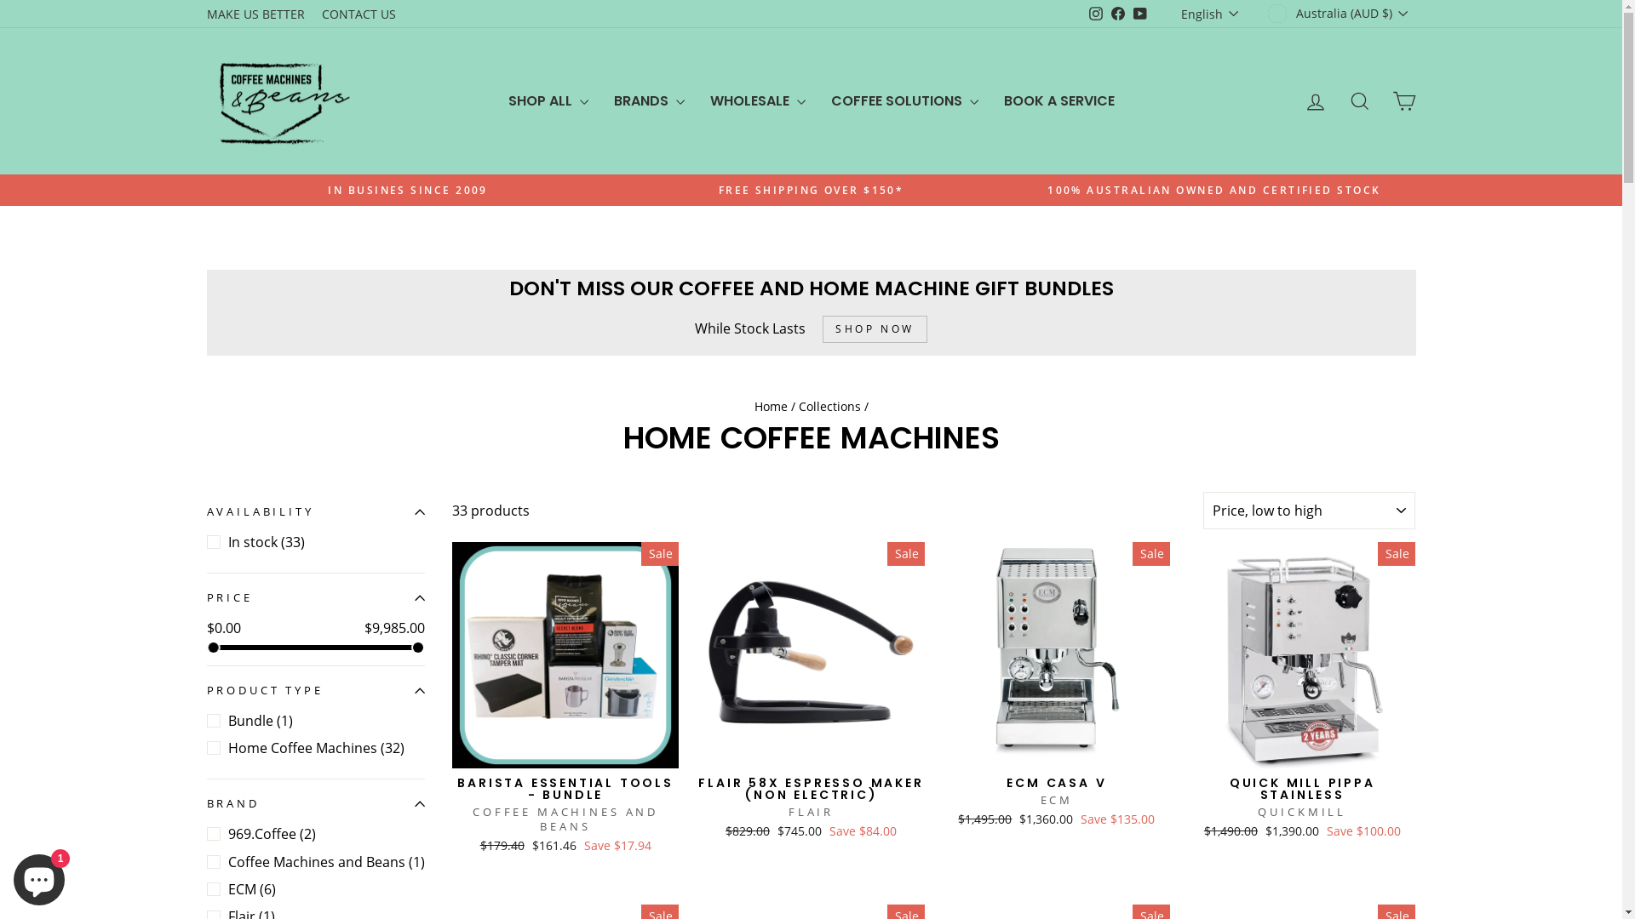  Describe the element at coordinates (358, 14) in the screenshot. I see `'CONTACT US'` at that location.